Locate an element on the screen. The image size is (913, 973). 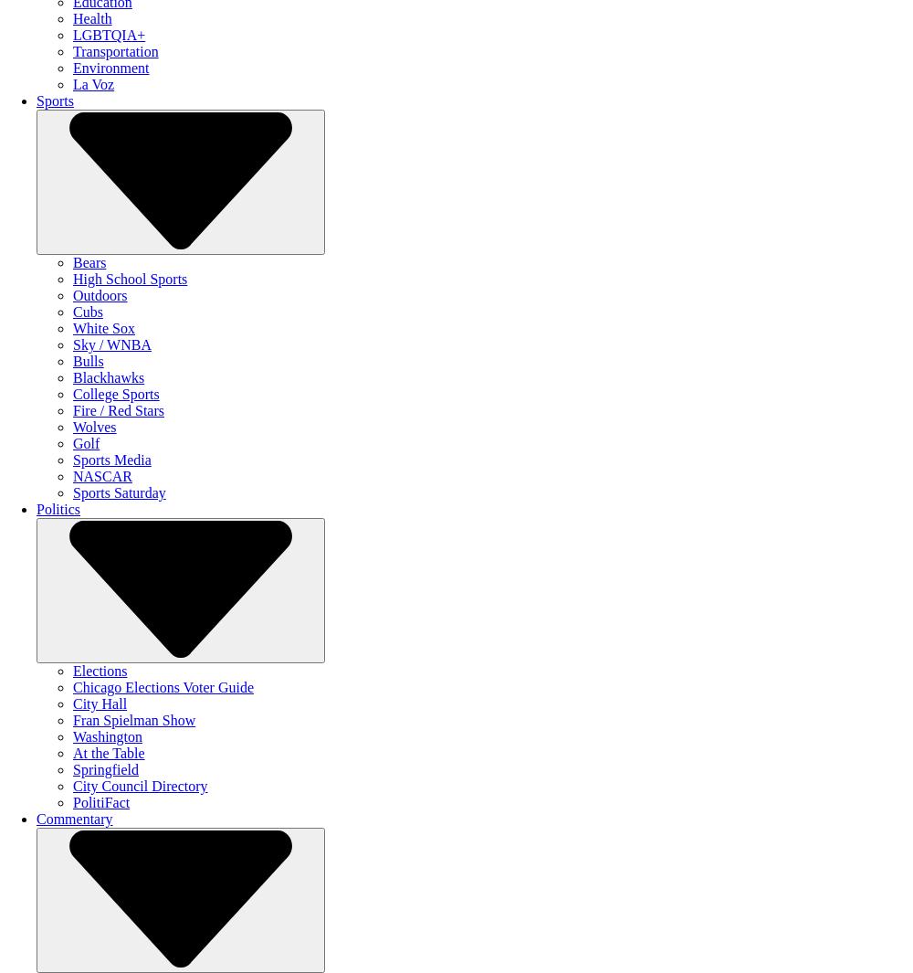
'Cubs' is located at coordinates (72, 311).